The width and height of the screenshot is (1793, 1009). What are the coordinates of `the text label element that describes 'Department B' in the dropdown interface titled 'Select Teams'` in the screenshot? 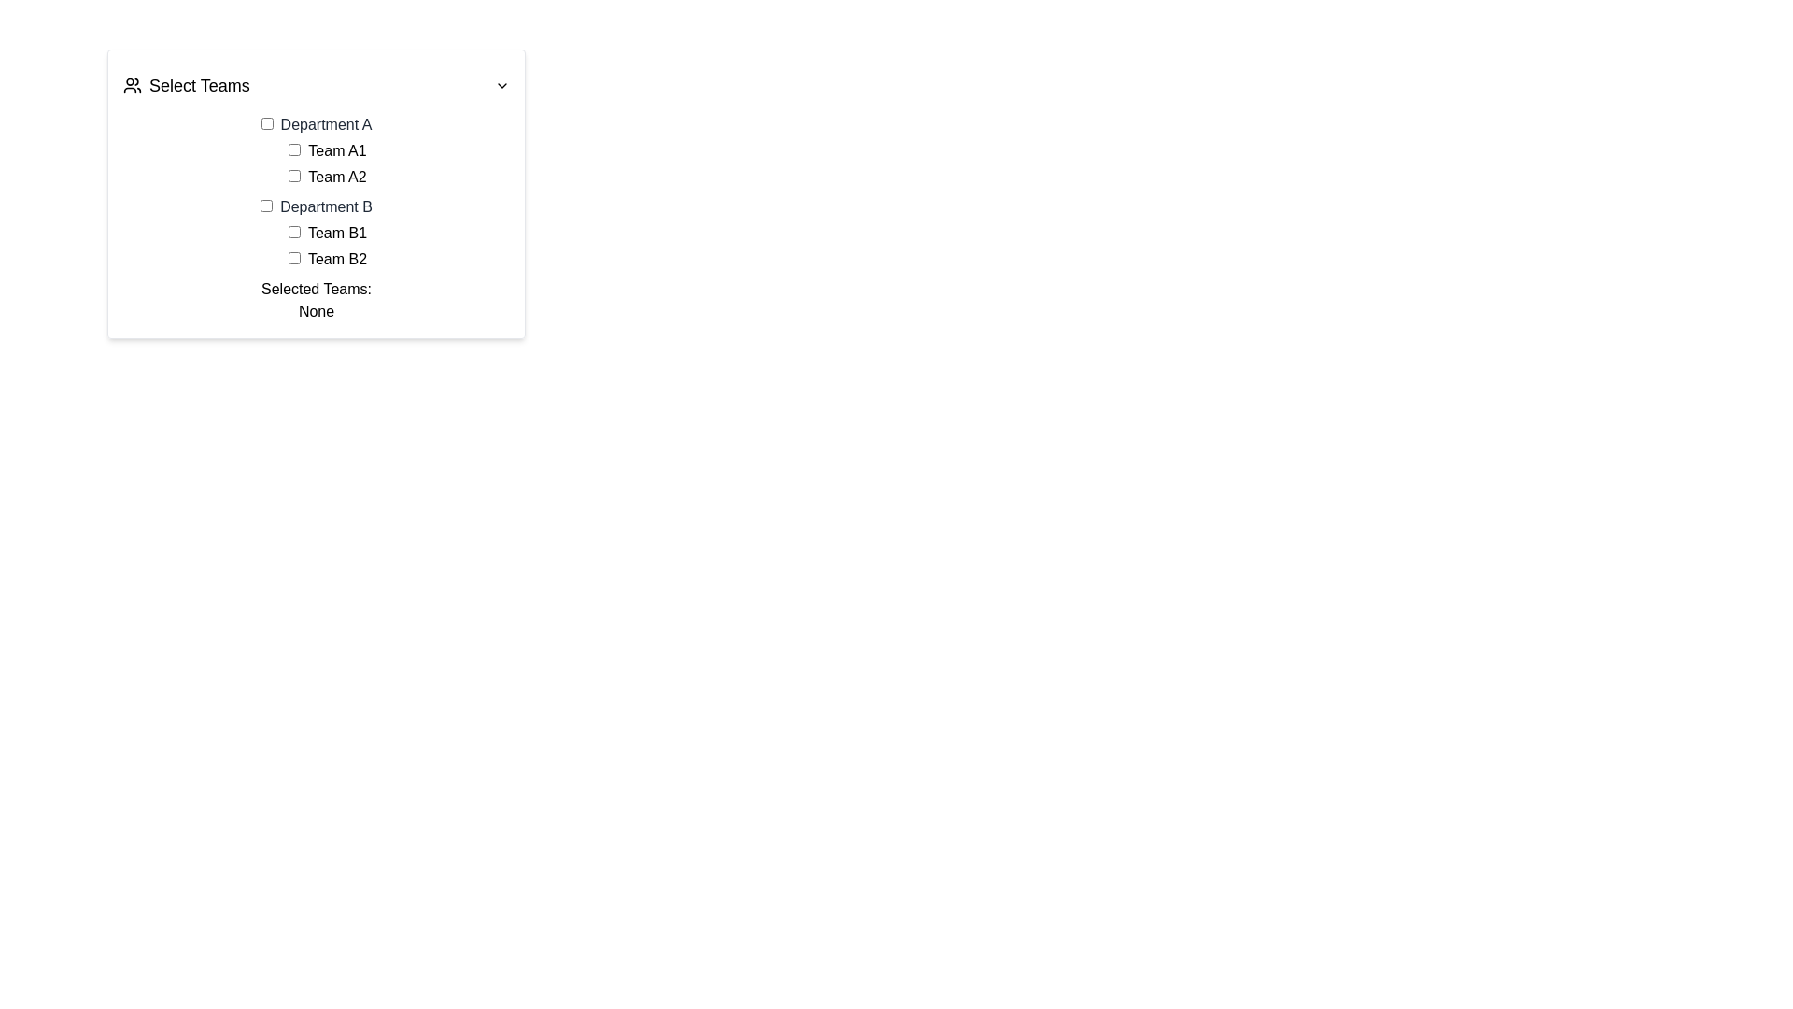 It's located at (326, 206).